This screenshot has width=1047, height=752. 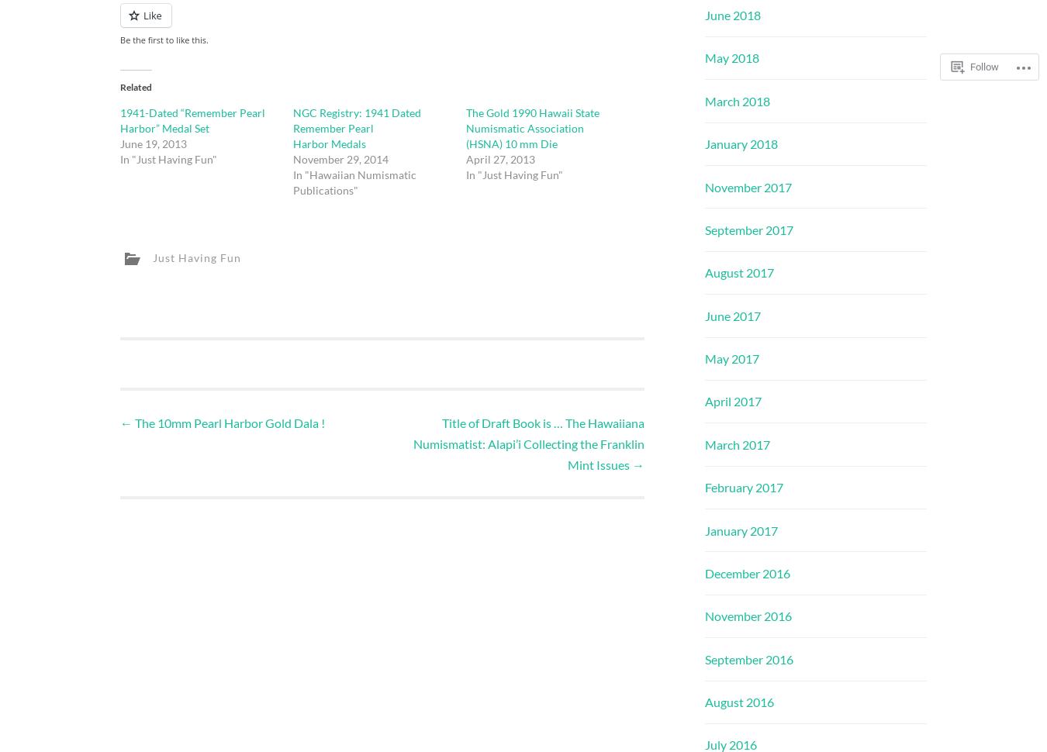 I want to click on 'April 2017', so click(x=703, y=401).